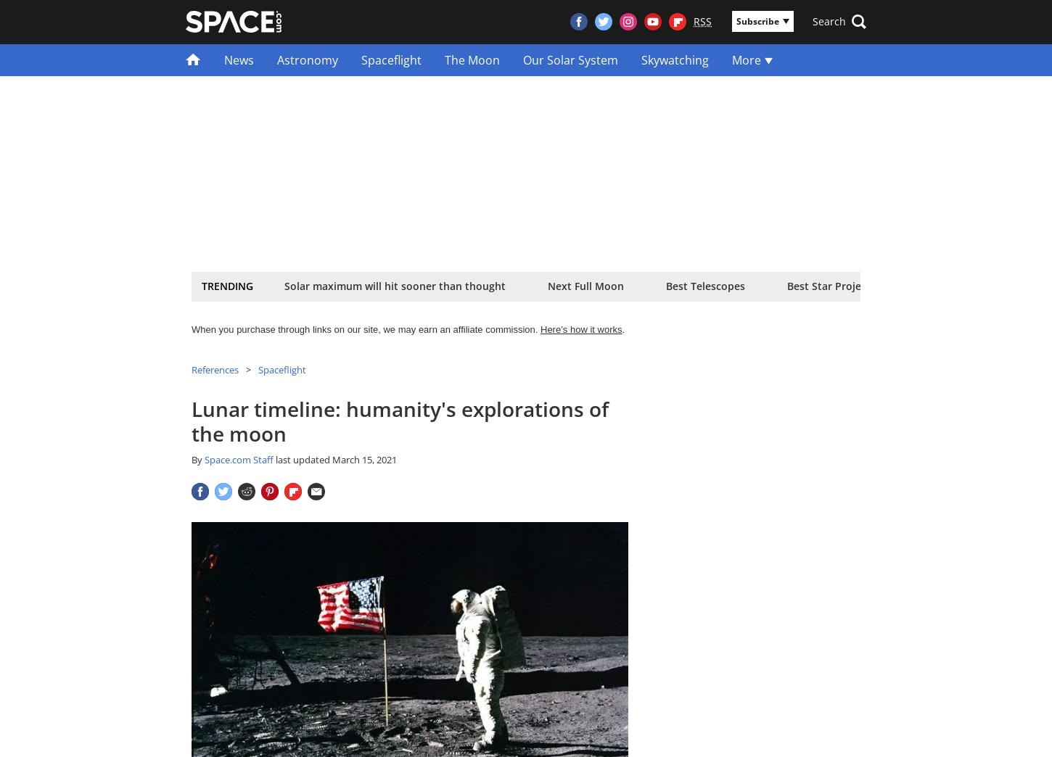  Describe the element at coordinates (400, 420) in the screenshot. I see `'Lunar timeline: humanity's explorations of the moon'` at that location.